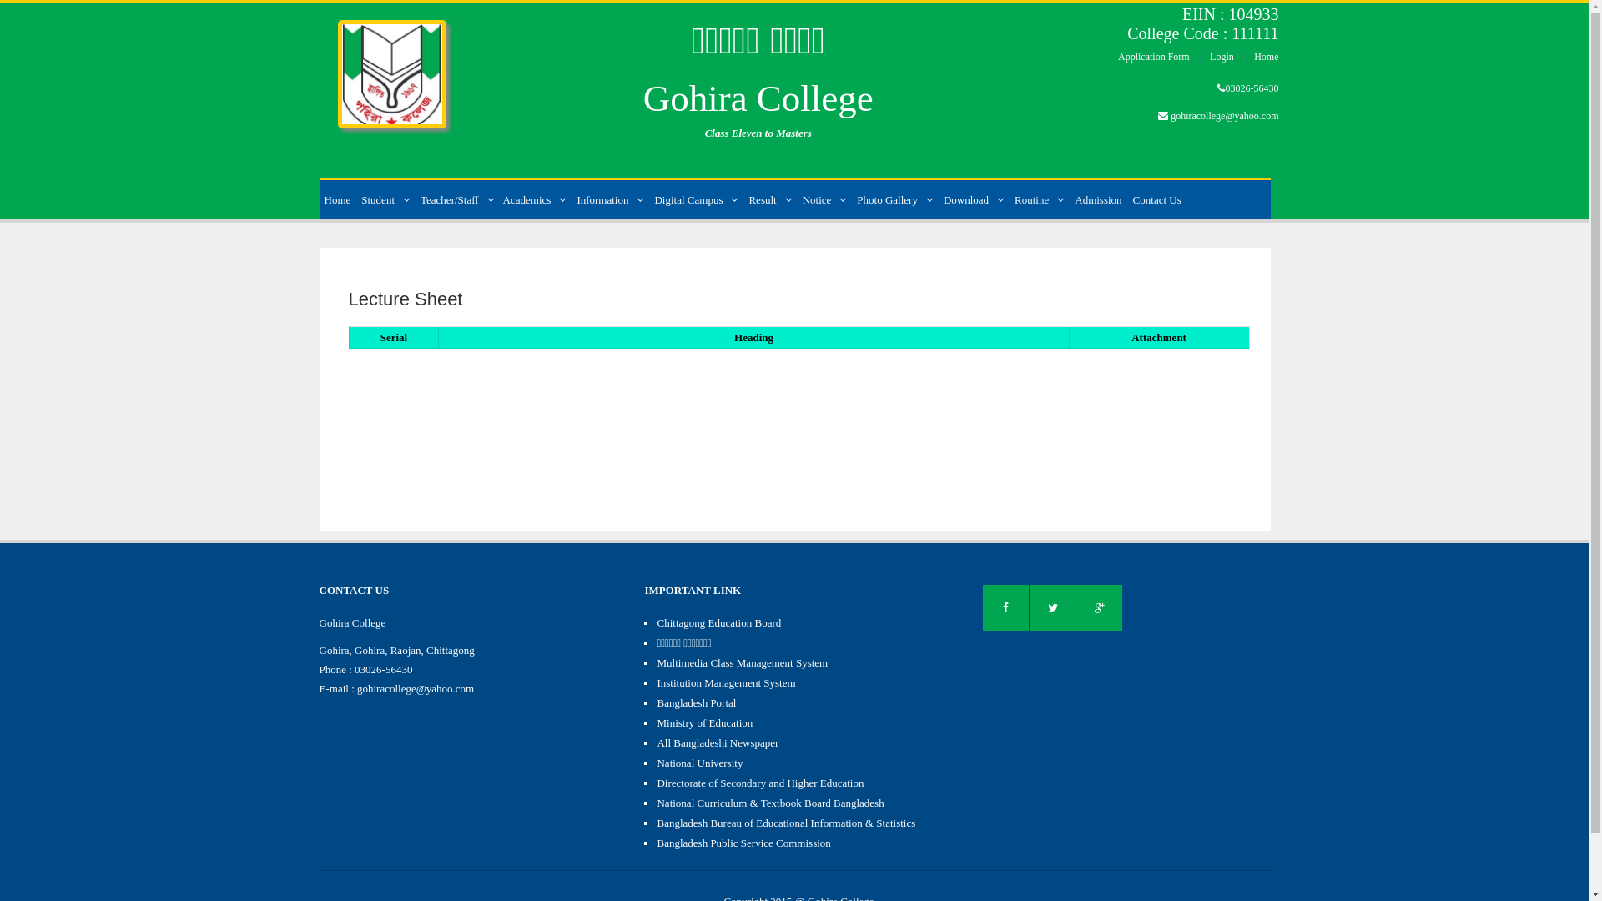  What do you see at coordinates (496, 199) in the screenshot?
I see `'Academics'` at bounding box center [496, 199].